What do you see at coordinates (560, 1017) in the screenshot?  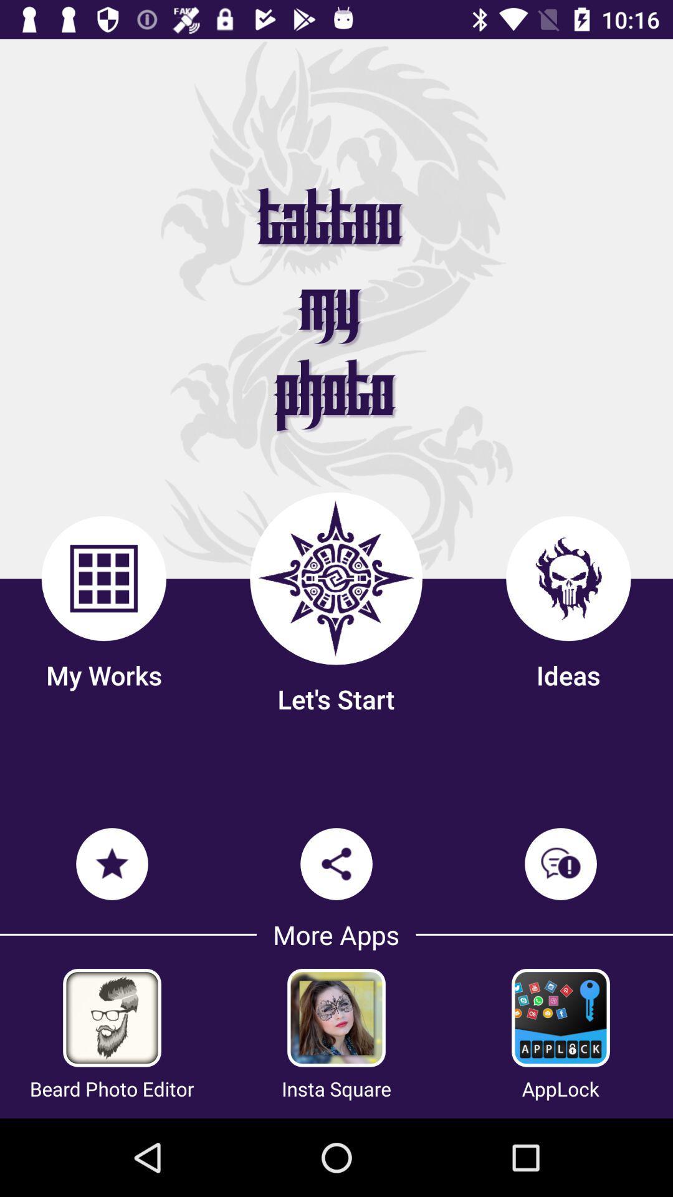 I see `applock` at bounding box center [560, 1017].